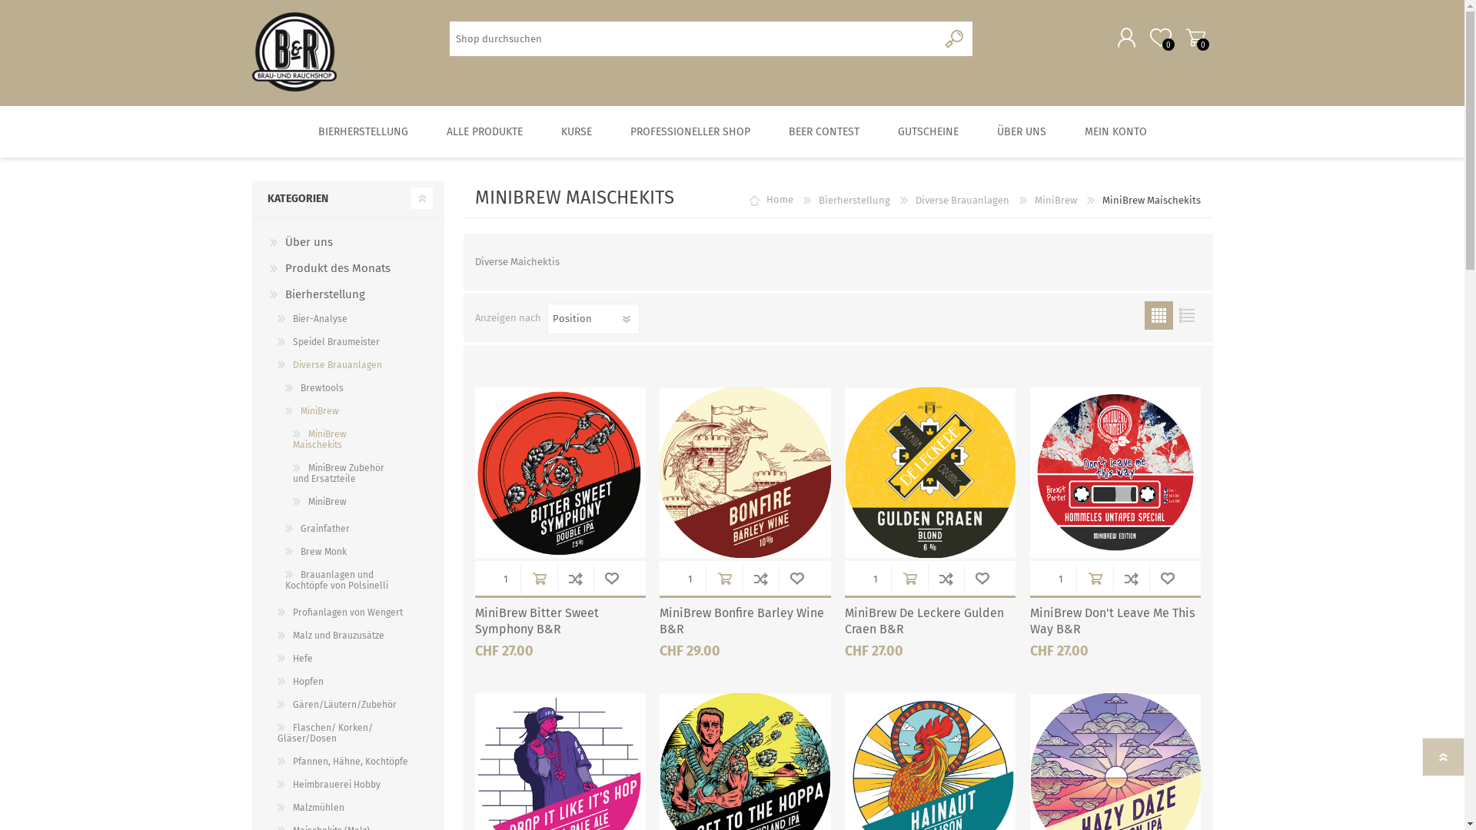 Image resolution: width=1476 pixels, height=830 pixels. Describe the element at coordinates (1186, 314) in the screenshot. I see `'Liste'` at that location.